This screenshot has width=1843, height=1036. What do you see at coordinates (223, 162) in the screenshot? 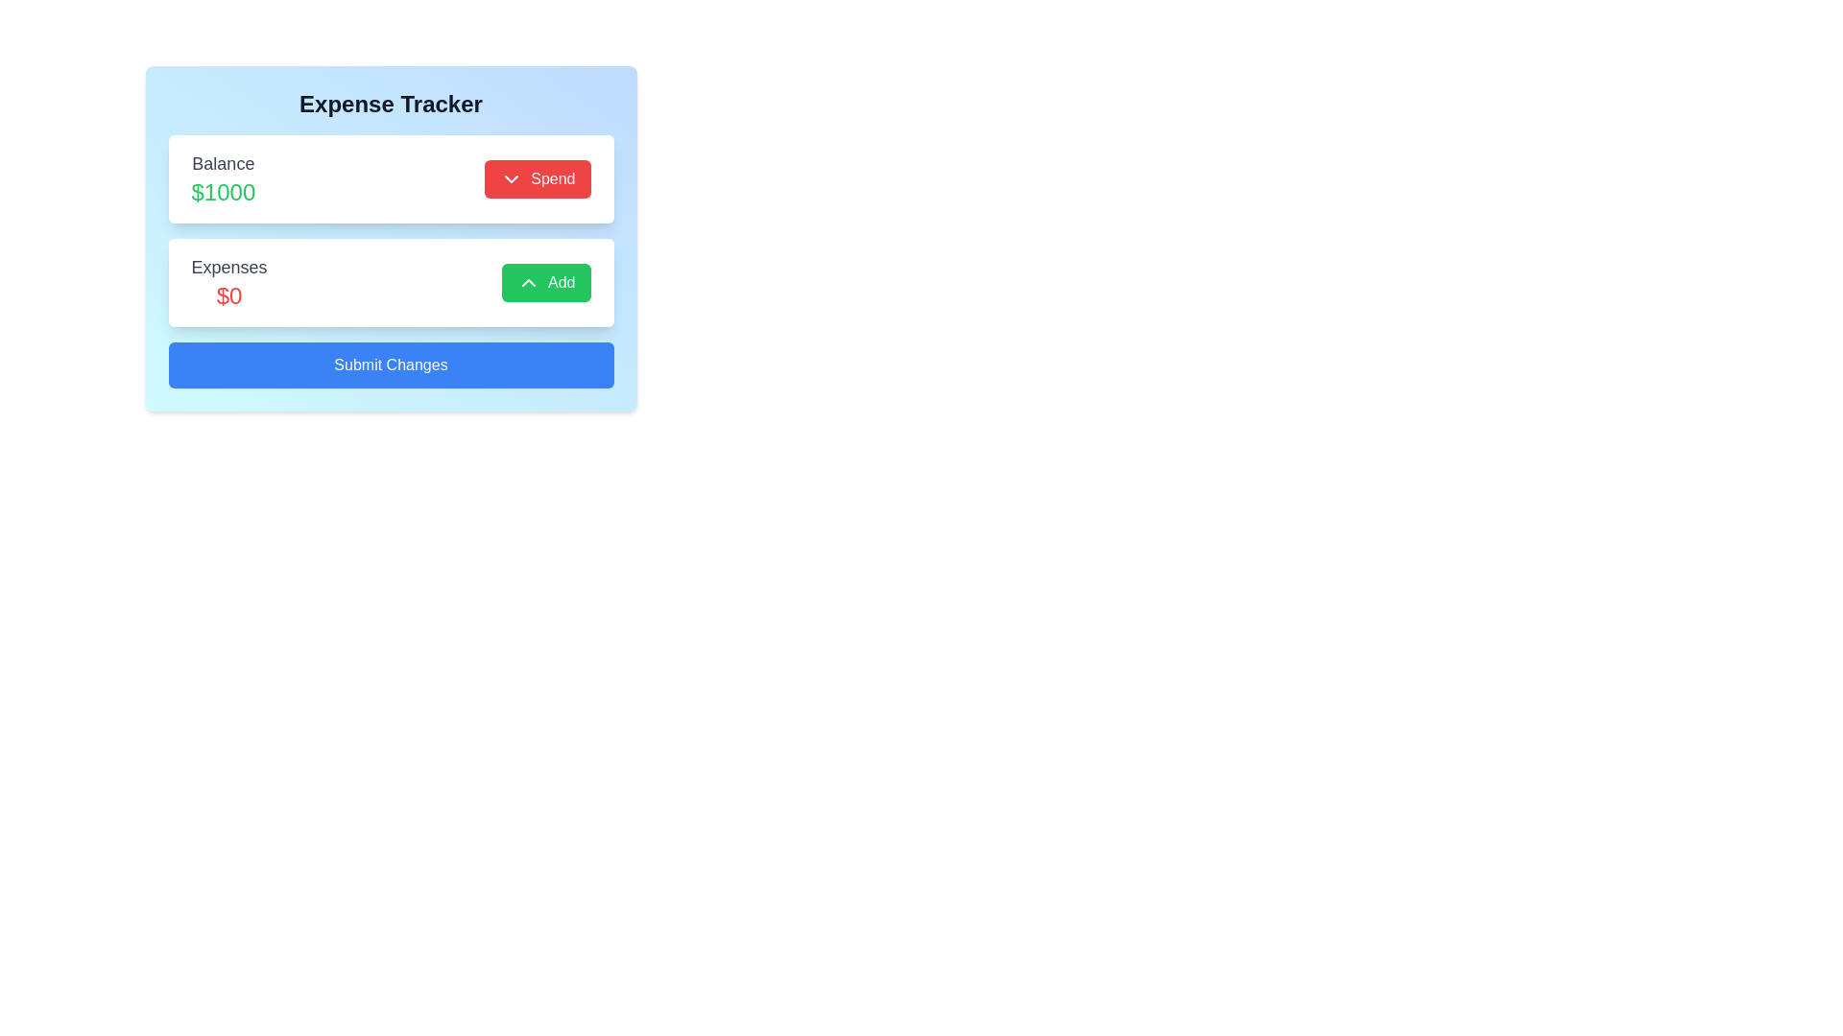
I see `the 'Balance' text label, which is styled with a larger font size, medium-bold weight, and gray color, located at the top of its section above the '$1000' text` at bounding box center [223, 162].